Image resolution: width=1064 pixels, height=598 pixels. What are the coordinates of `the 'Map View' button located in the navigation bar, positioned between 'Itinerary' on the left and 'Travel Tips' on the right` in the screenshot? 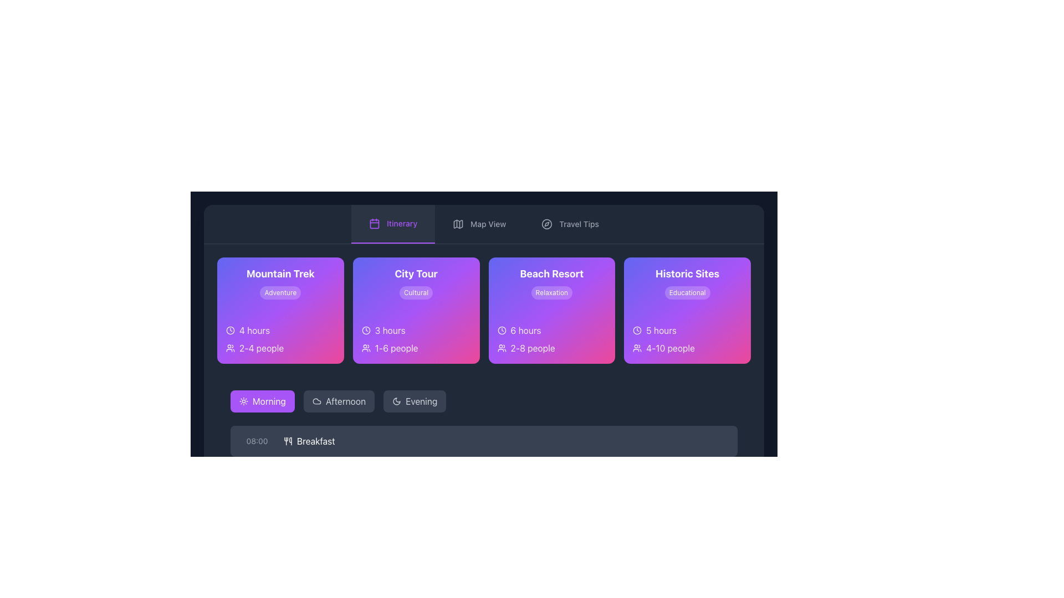 It's located at (479, 224).